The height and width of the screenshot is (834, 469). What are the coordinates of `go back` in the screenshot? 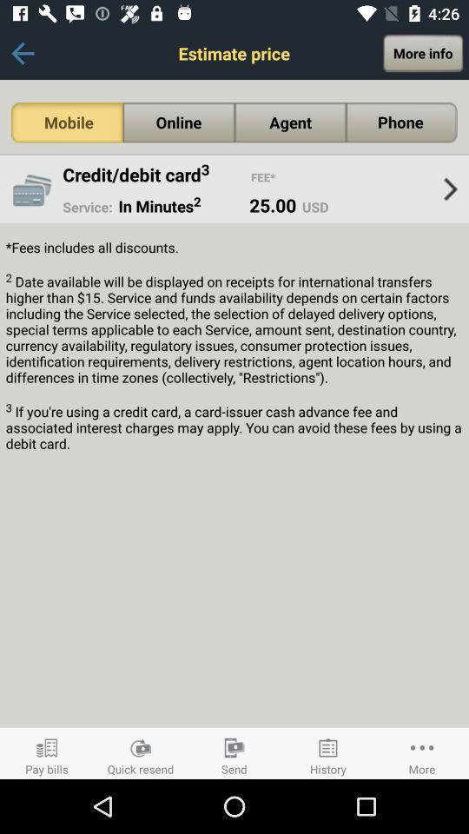 It's located at (22, 53).